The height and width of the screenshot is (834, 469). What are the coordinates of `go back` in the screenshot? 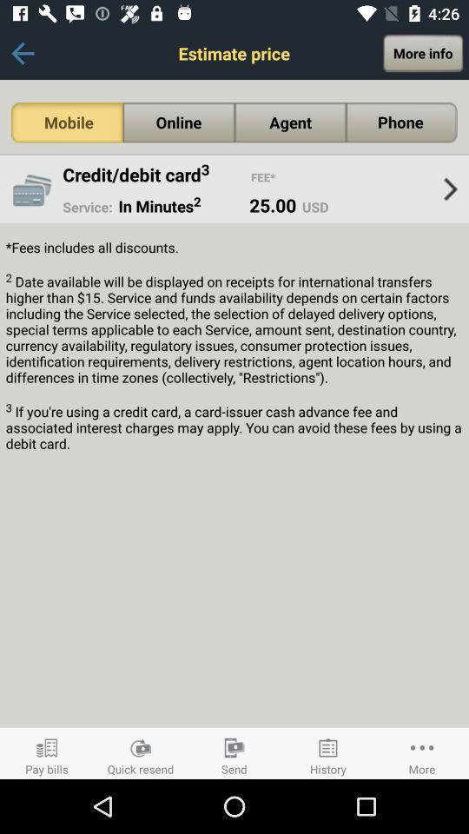 It's located at (22, 53).